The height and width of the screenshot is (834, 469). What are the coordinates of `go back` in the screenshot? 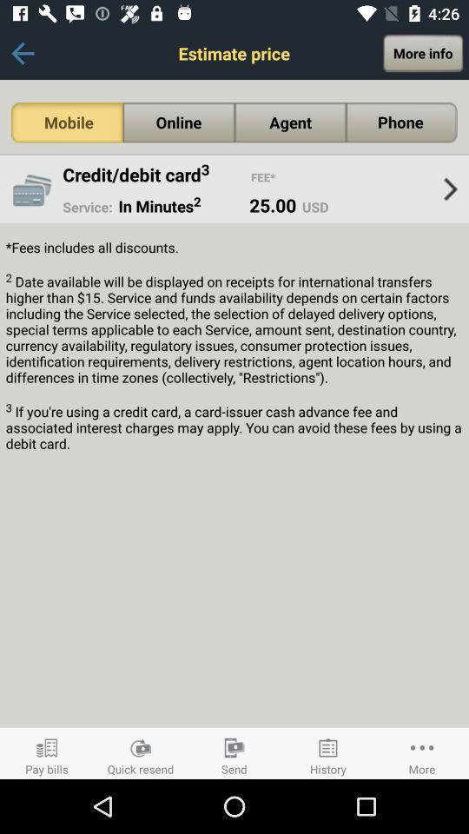 It's located at (22, 53).